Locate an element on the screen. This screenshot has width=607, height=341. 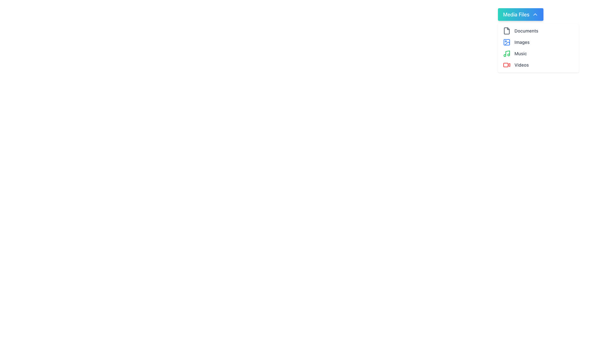
the 'Music' icon located in the fourth item of the 'Media Files' drop-down menu, which is positioned directly to the left of the 'Music' text label is located at coordinates (507, 53).